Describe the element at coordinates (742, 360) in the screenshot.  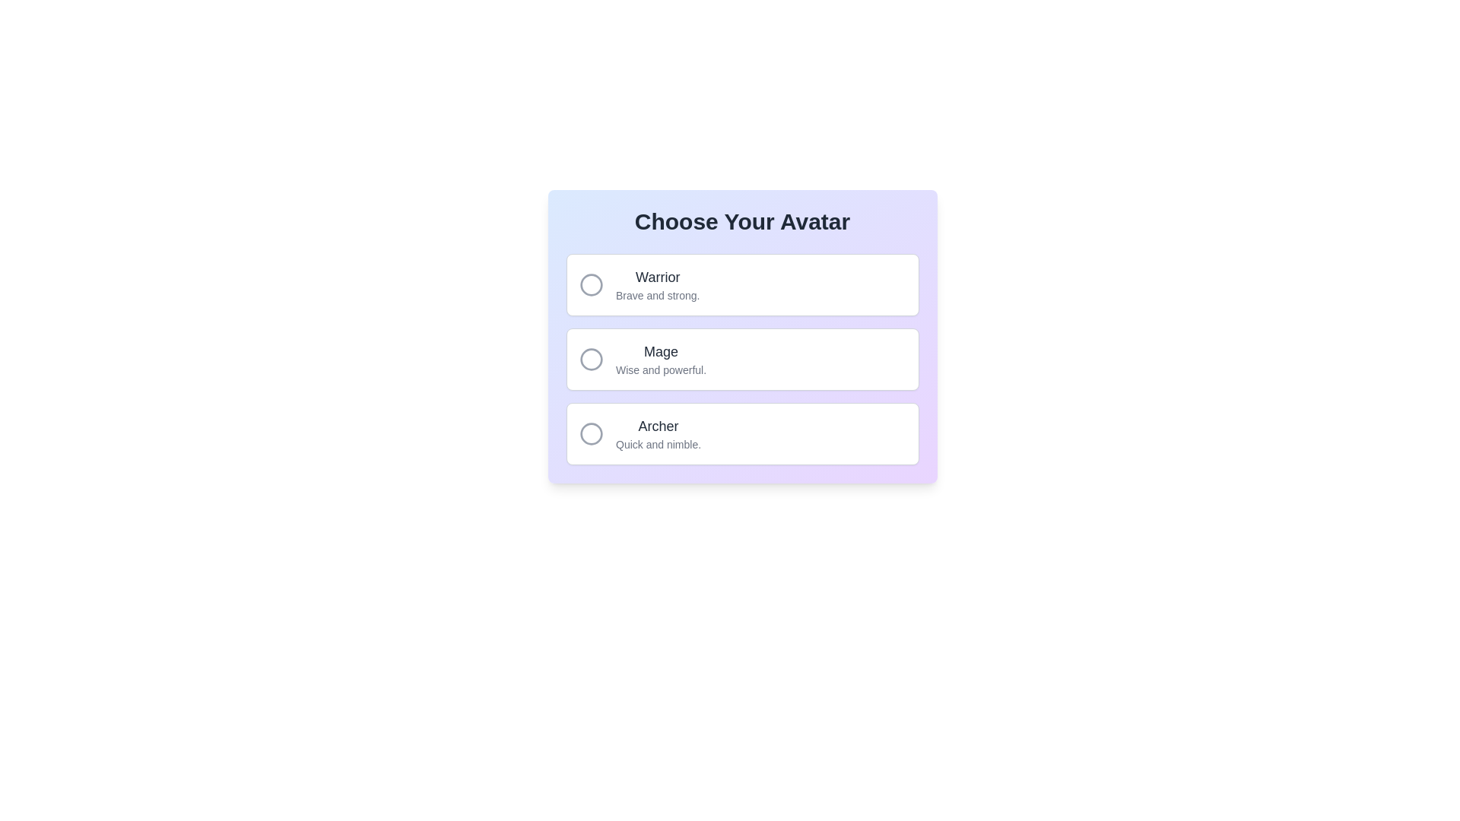
I see `the 'Mage' avatar option, which is the second card in the vertical stack under 'Choose Your Avatar.'` at that location.